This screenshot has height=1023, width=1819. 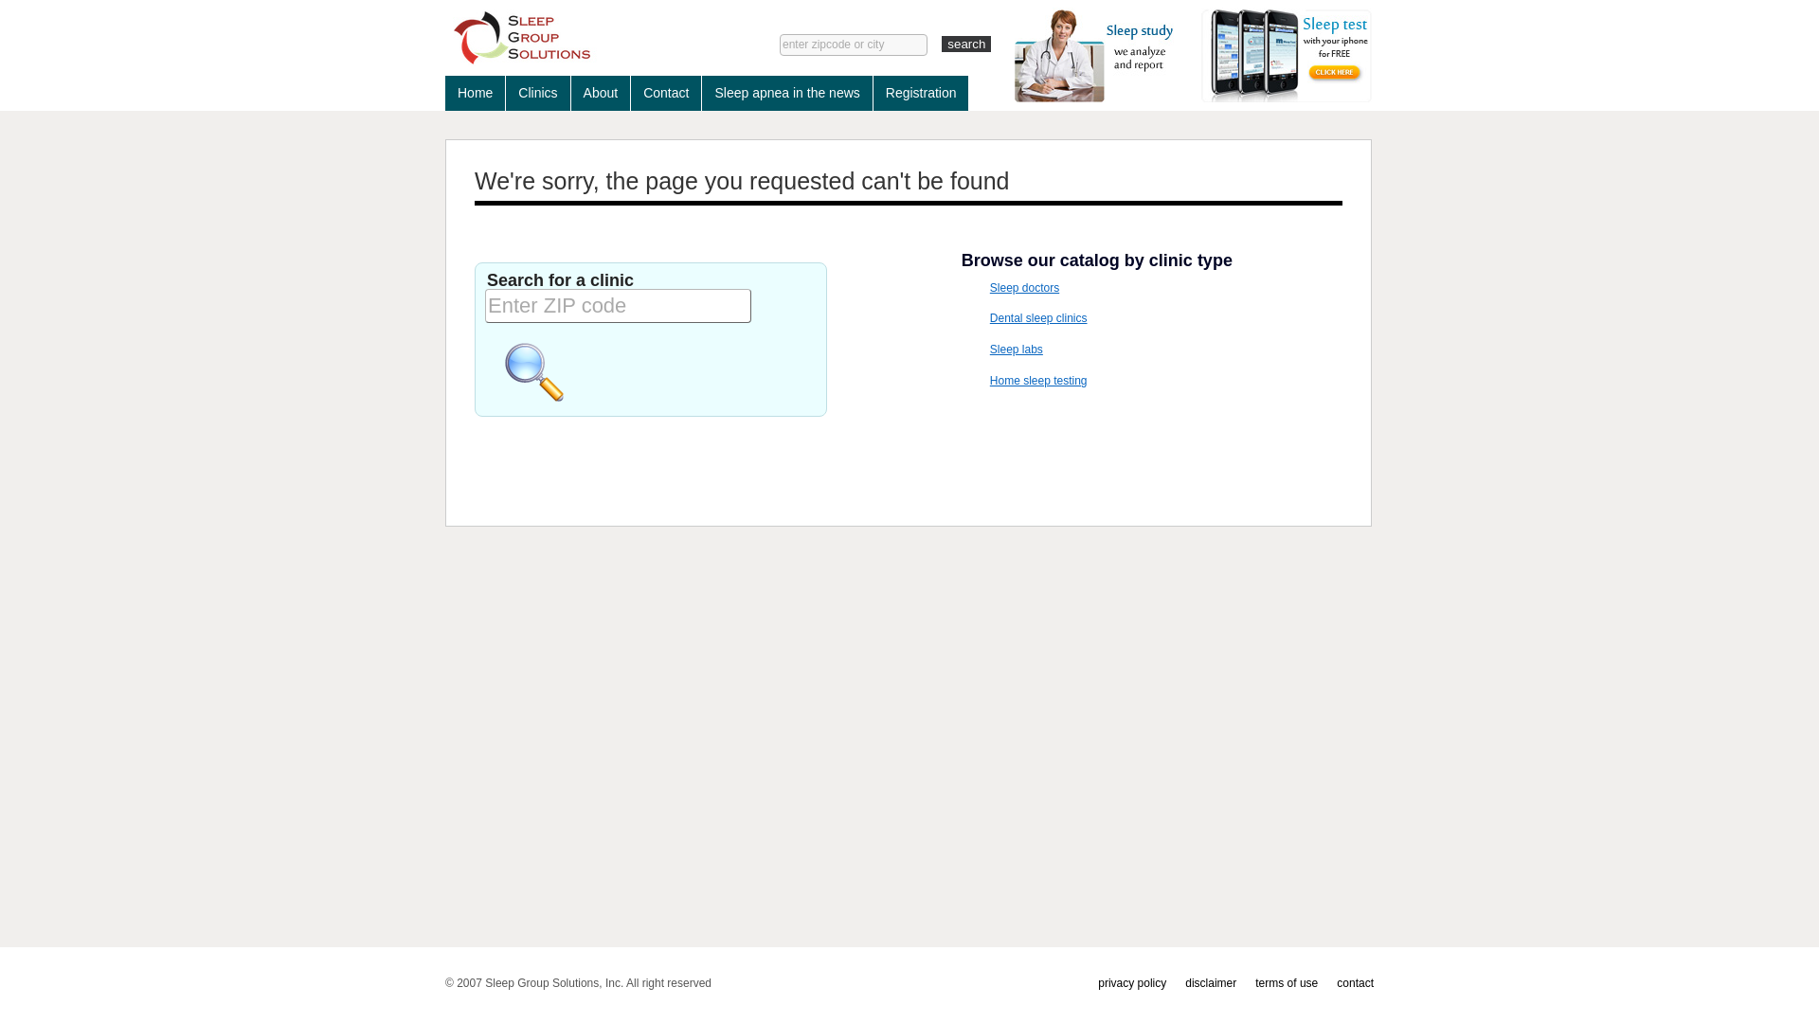 I want to click on 'About', so click(x=600, y=93).